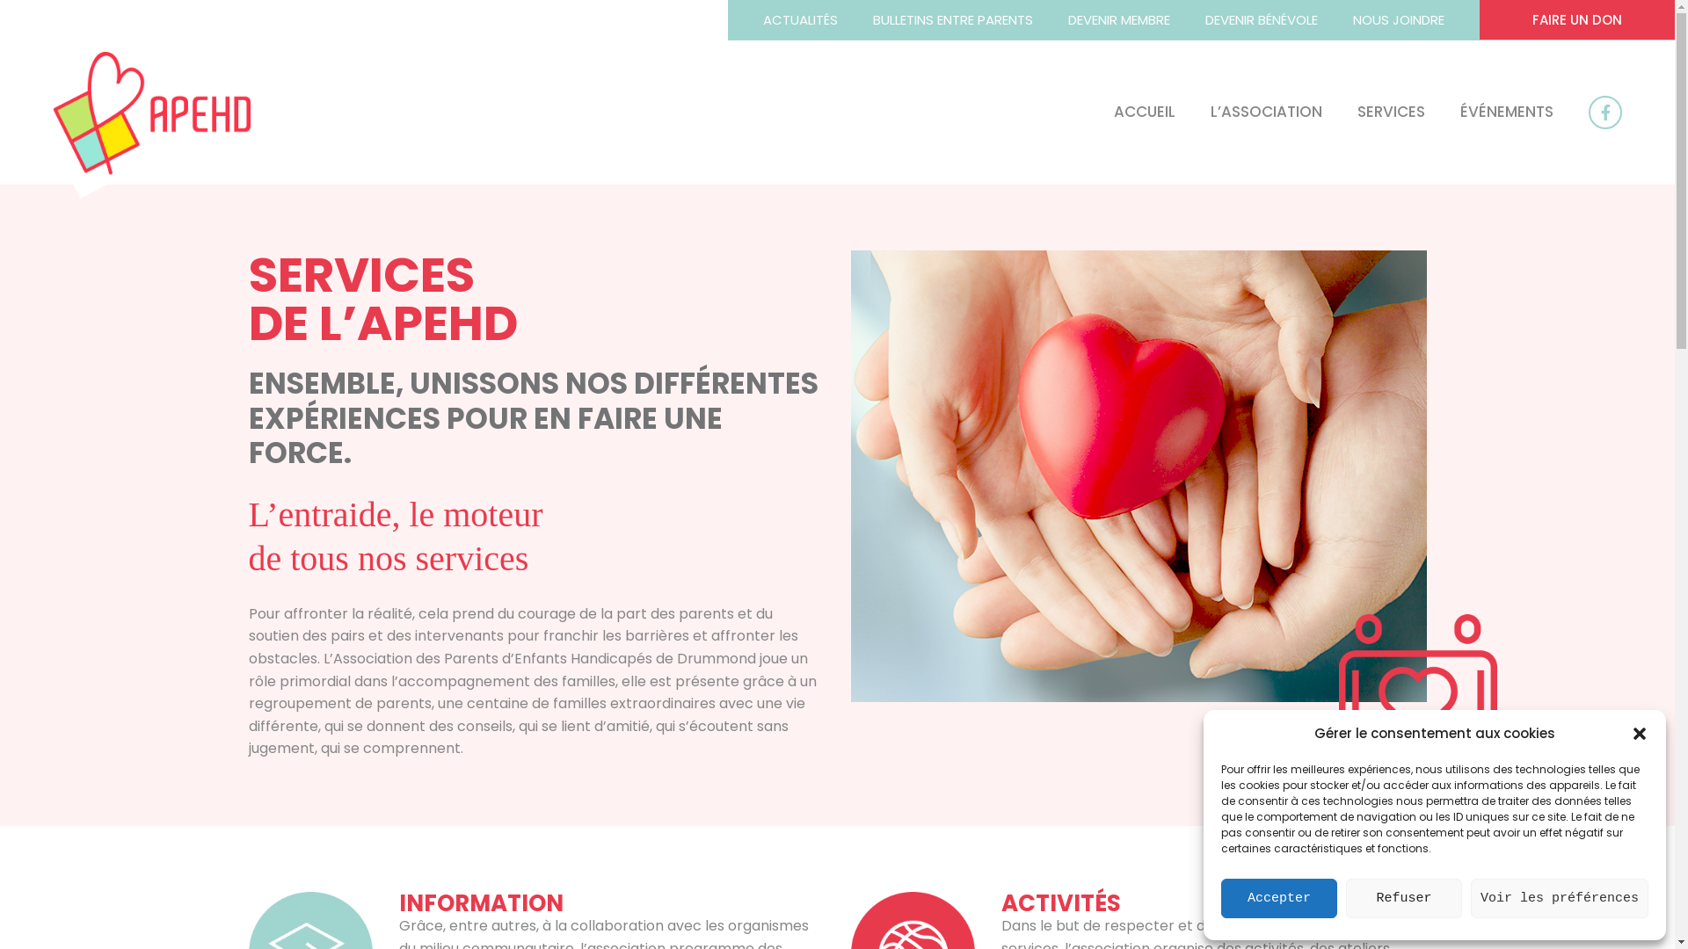 The image size is (1688, 949). Describe the element at coordinates (1372, 112) in the screenshot. I see `'SERVICES'` at that location.